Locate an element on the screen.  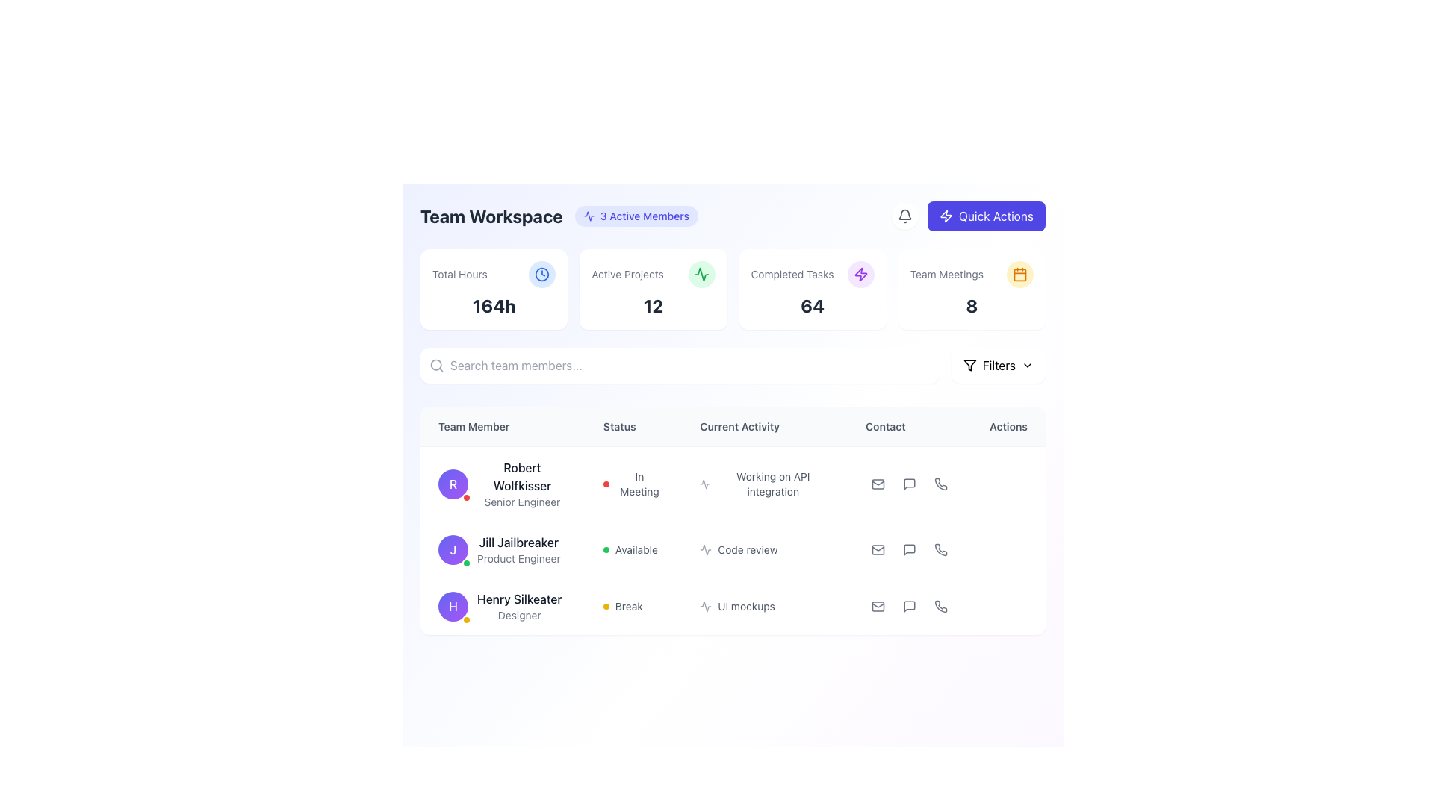
text label 'Active Projects' located in the second tile from the left of the top row, styled with a small font size and grey color, situated above the count of active projects is located at coordinates (627, 274).